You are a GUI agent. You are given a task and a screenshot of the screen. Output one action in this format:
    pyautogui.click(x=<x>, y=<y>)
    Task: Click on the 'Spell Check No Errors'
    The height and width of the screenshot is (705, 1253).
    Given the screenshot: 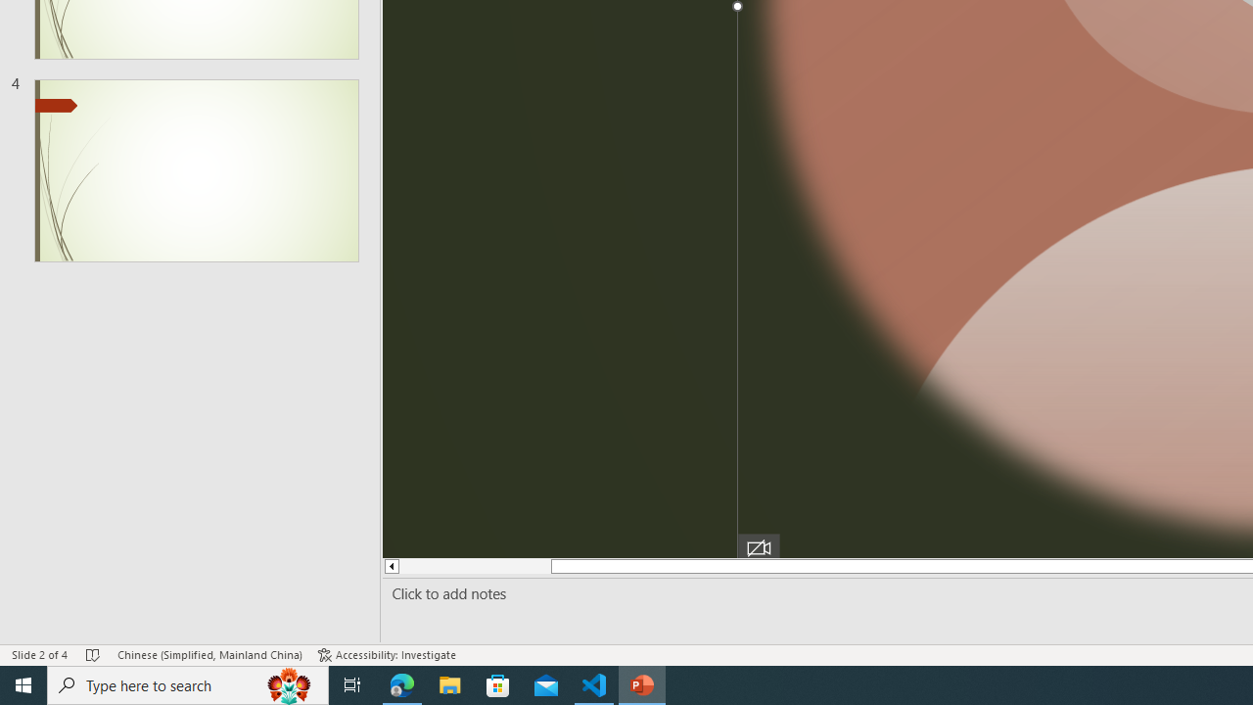 What is the action you would take?
    pyautogui.click(x=93, y=655)
    